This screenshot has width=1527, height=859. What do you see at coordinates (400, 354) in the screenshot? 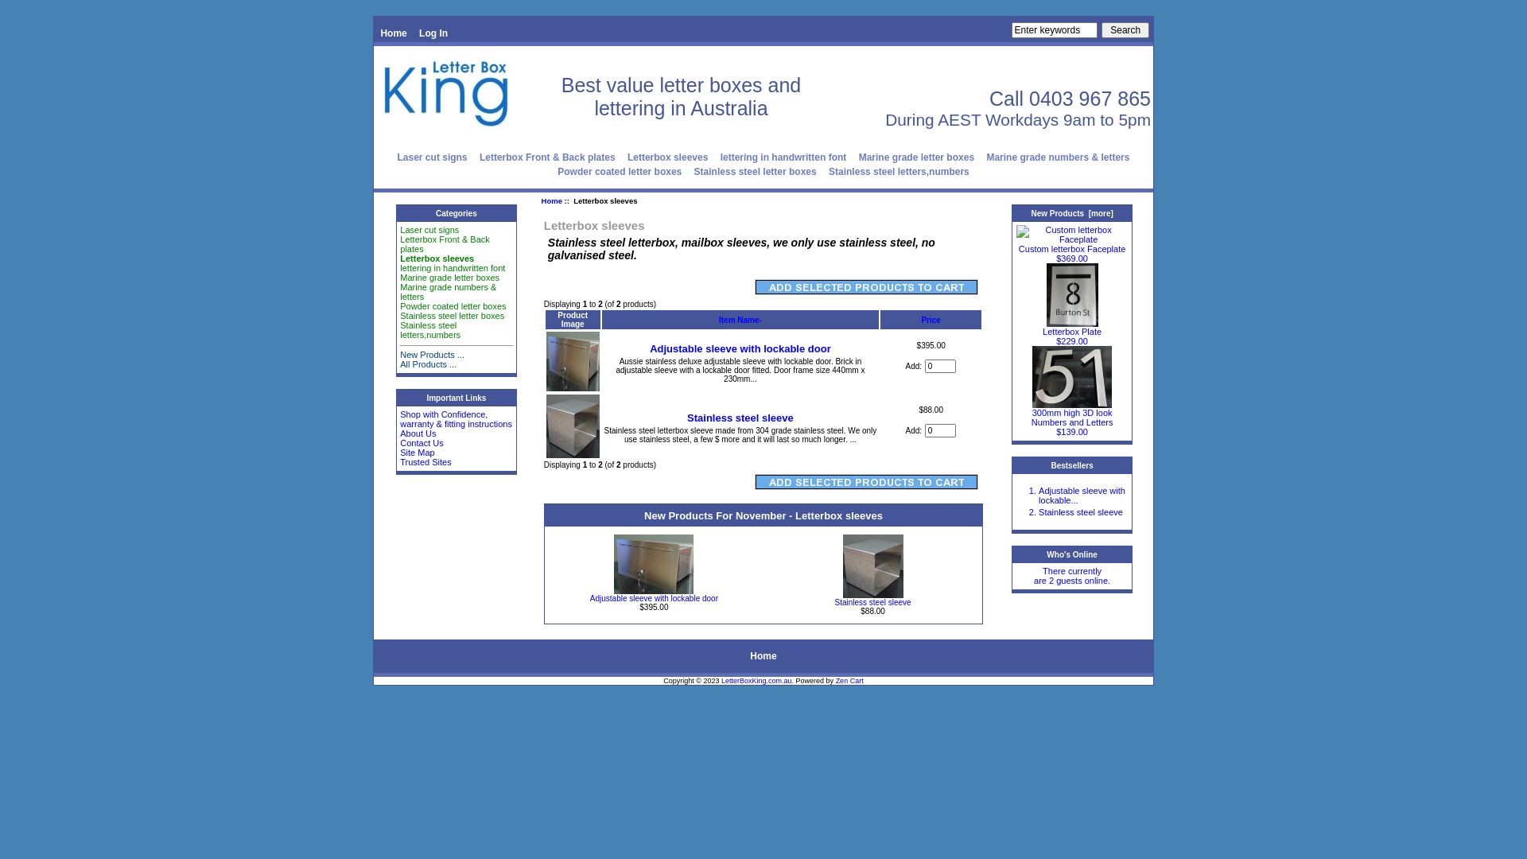
I see `'New Products ...'` at bounding box center [400, 354].